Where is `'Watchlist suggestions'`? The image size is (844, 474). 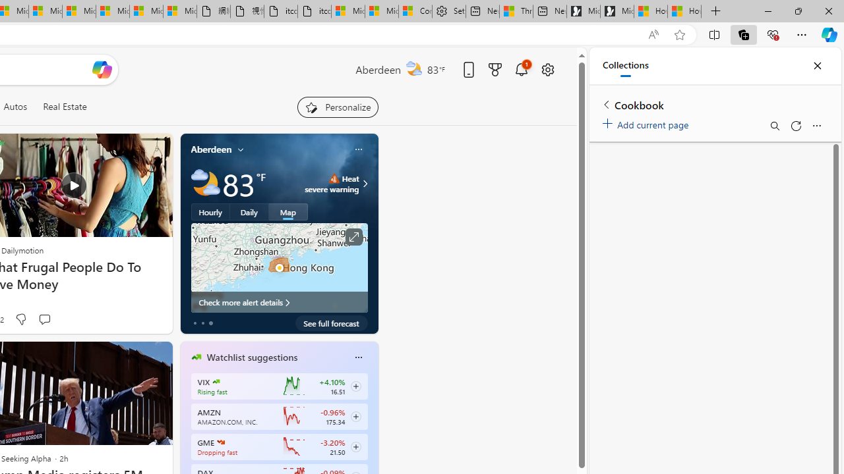 'Watchlist suggestions' is located at coordinates (252, 357).